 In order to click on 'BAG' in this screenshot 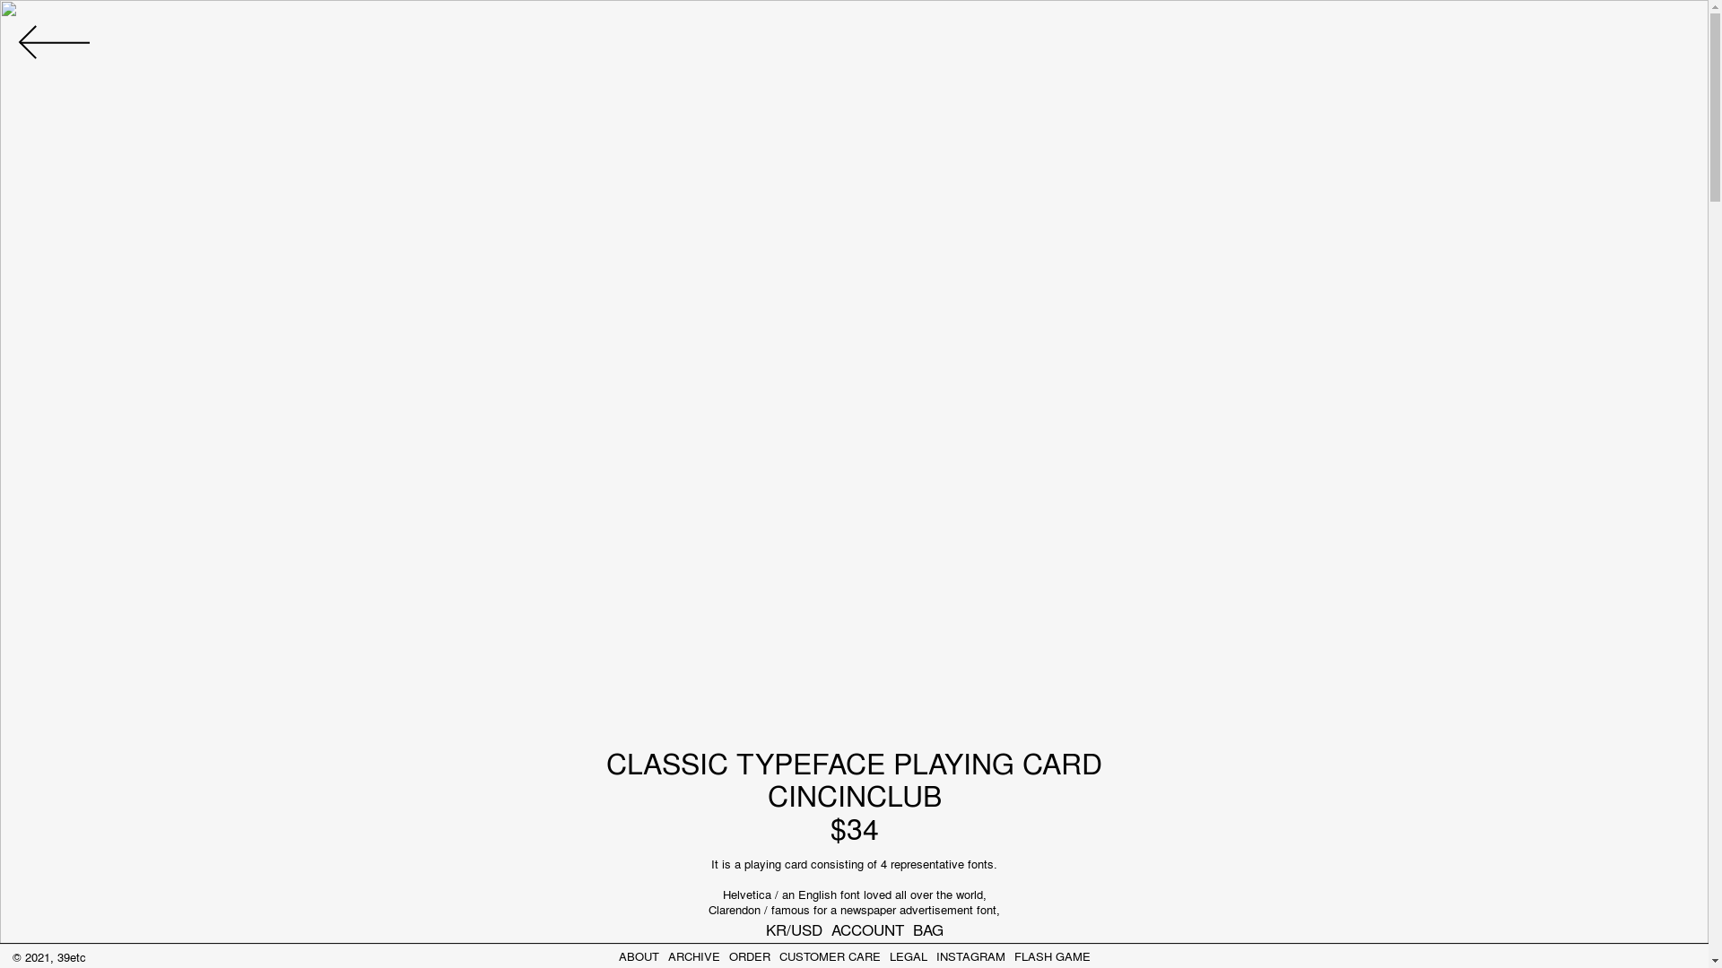, I will do `click(928, 928)`.